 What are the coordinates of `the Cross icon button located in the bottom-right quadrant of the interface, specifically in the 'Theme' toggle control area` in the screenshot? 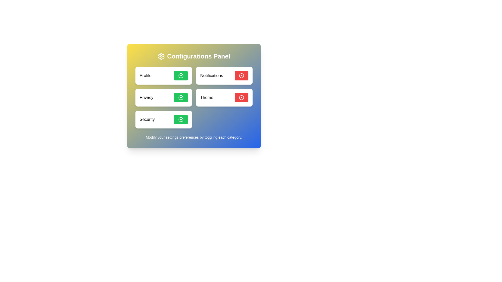 It's located at (241, 98).